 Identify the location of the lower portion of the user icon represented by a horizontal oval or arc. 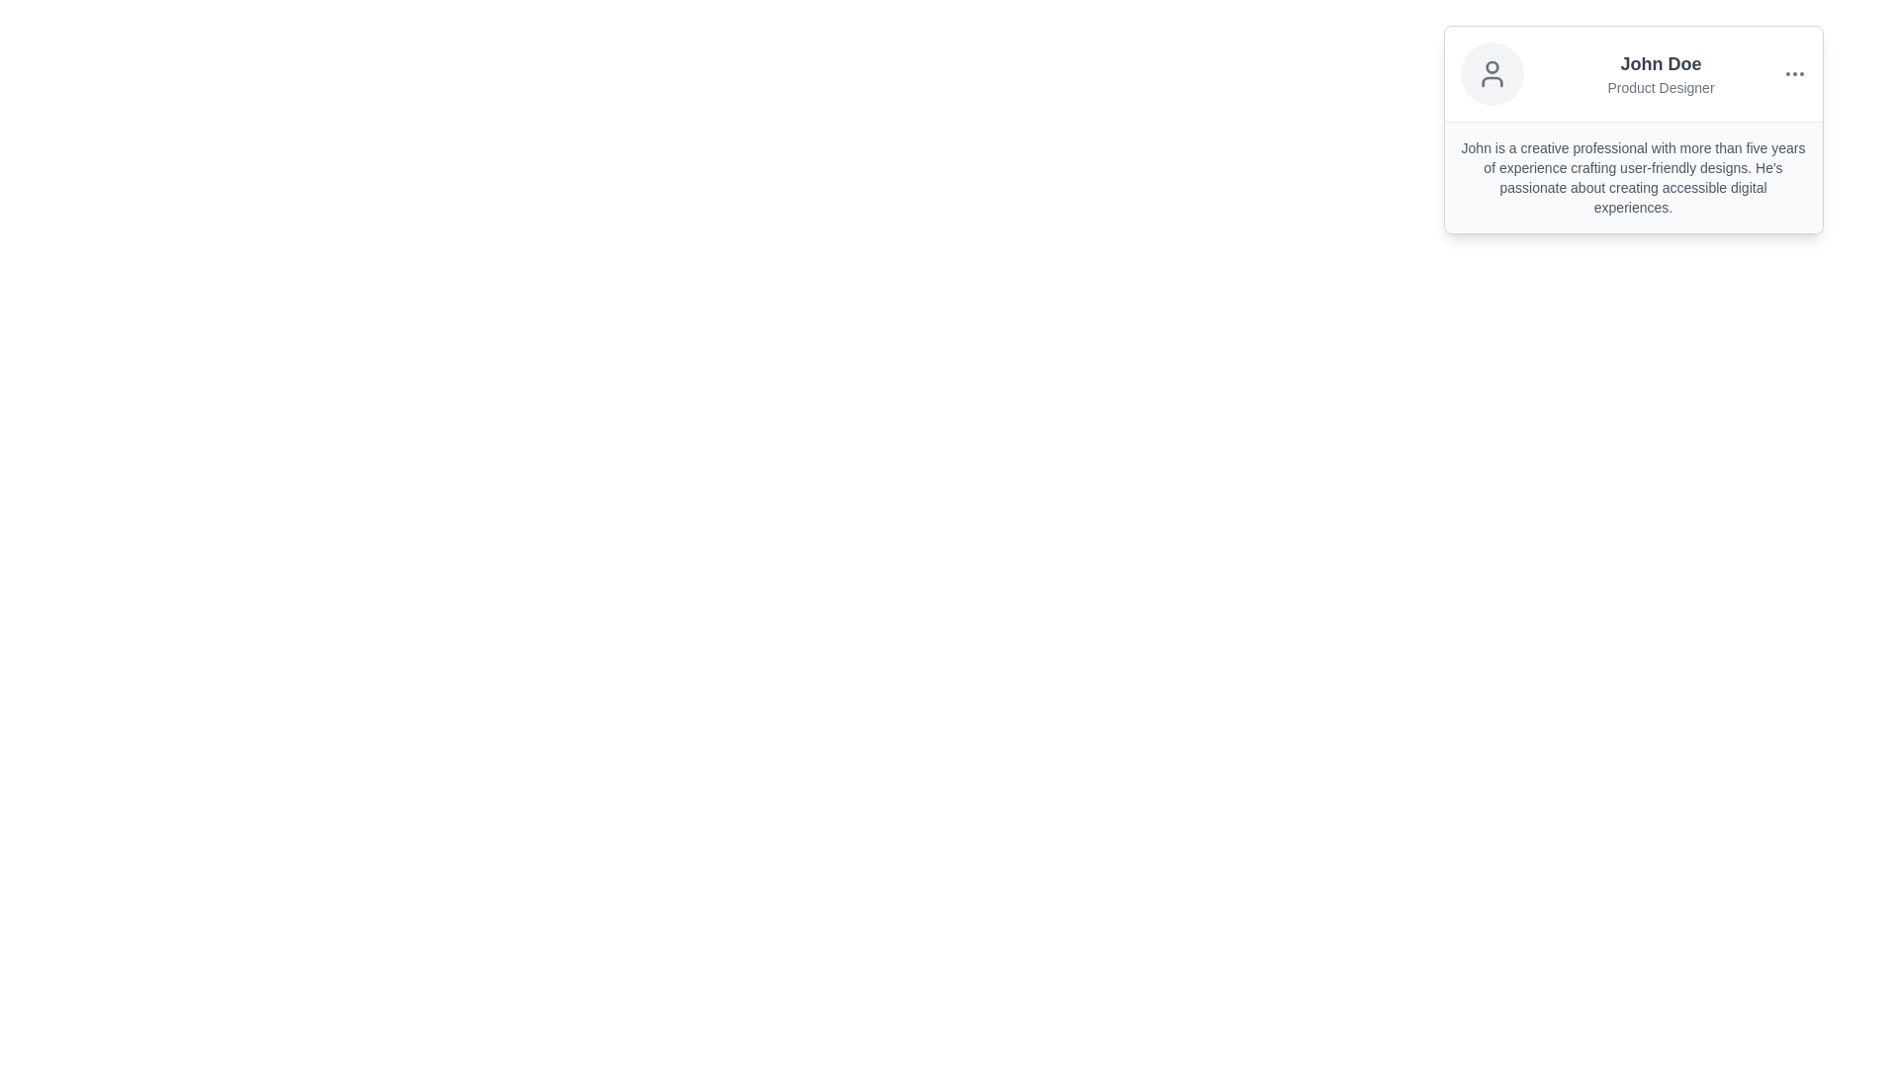
(1492, 81).